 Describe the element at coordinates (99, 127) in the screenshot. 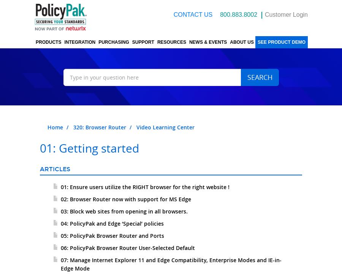

I see `'320: Browser Router'` at that location.